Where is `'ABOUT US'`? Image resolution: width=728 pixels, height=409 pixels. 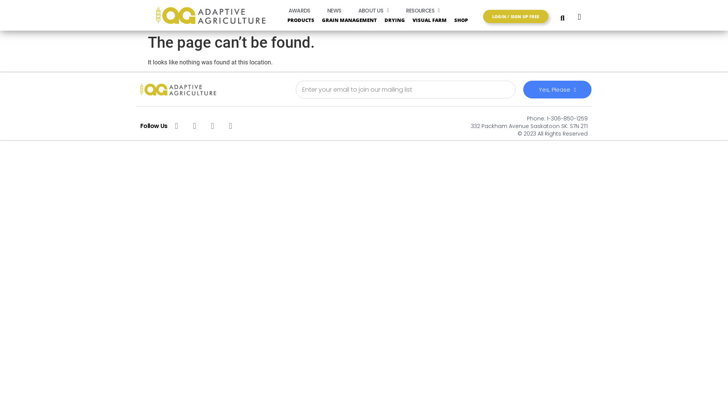 'ABOUT US' is located at coordinates (350, 10).